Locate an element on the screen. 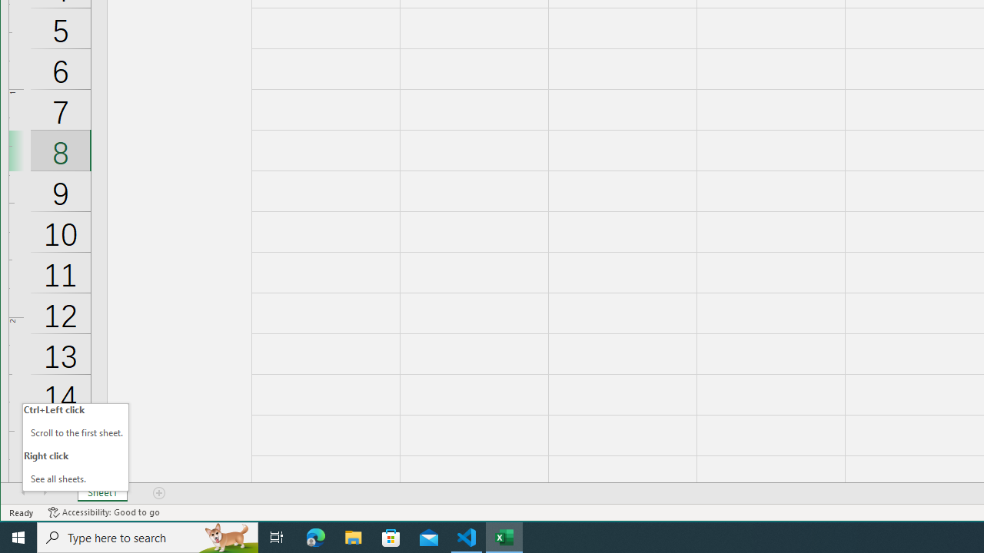 The image size is (984, 553). 'File Explorer' is located at coordinates (353, 536).